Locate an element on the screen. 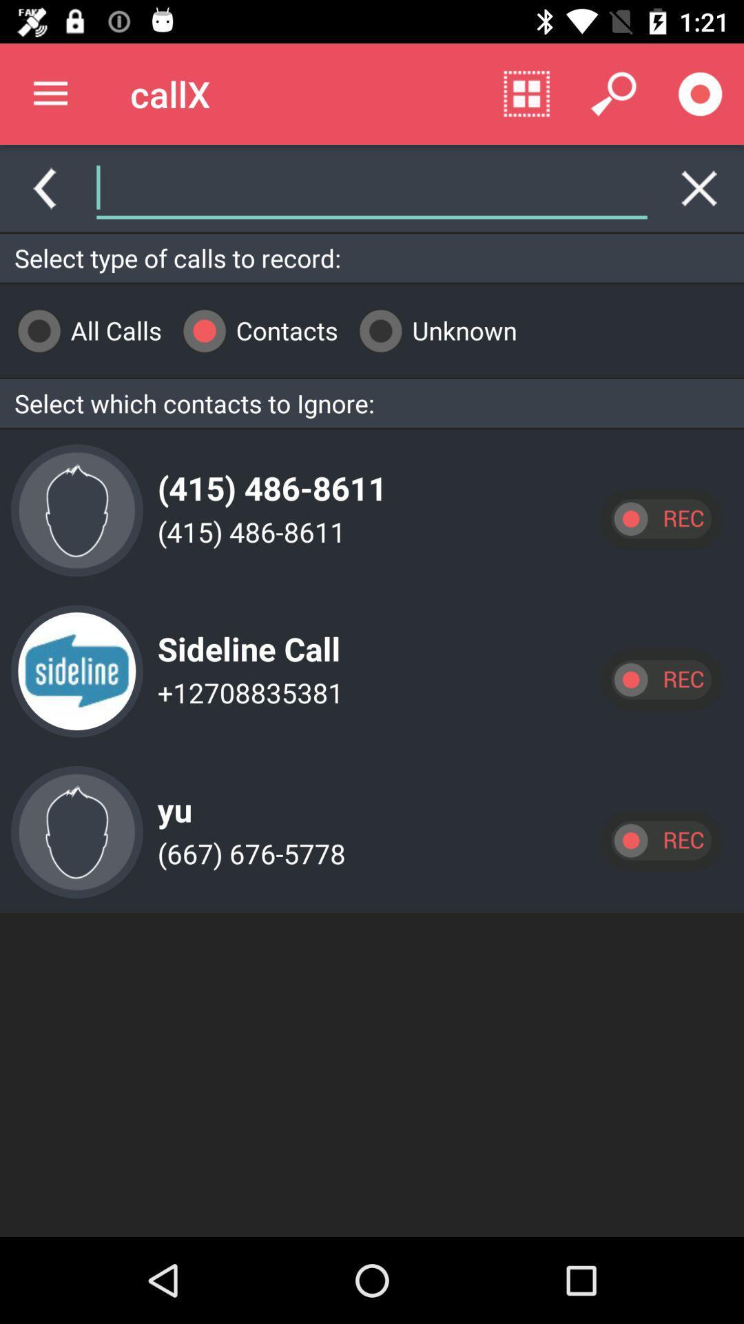  record calls is located at coordinates (660, 679).